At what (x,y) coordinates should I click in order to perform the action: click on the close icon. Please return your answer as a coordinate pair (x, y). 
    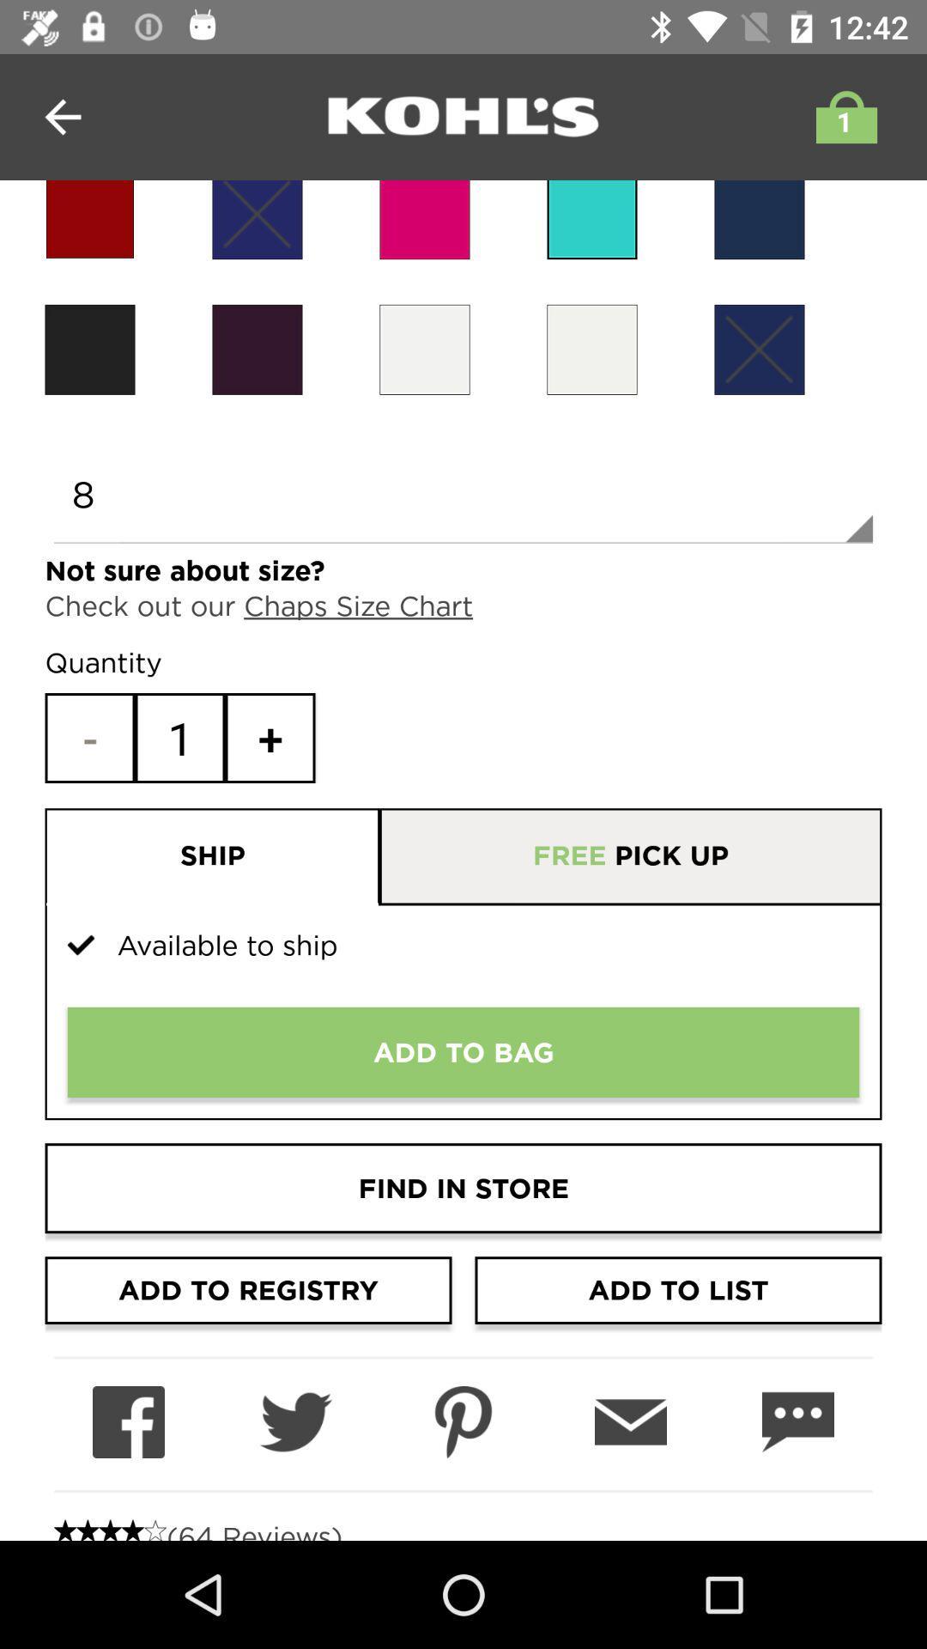
    Looking at the image, I should click on (758, 349).